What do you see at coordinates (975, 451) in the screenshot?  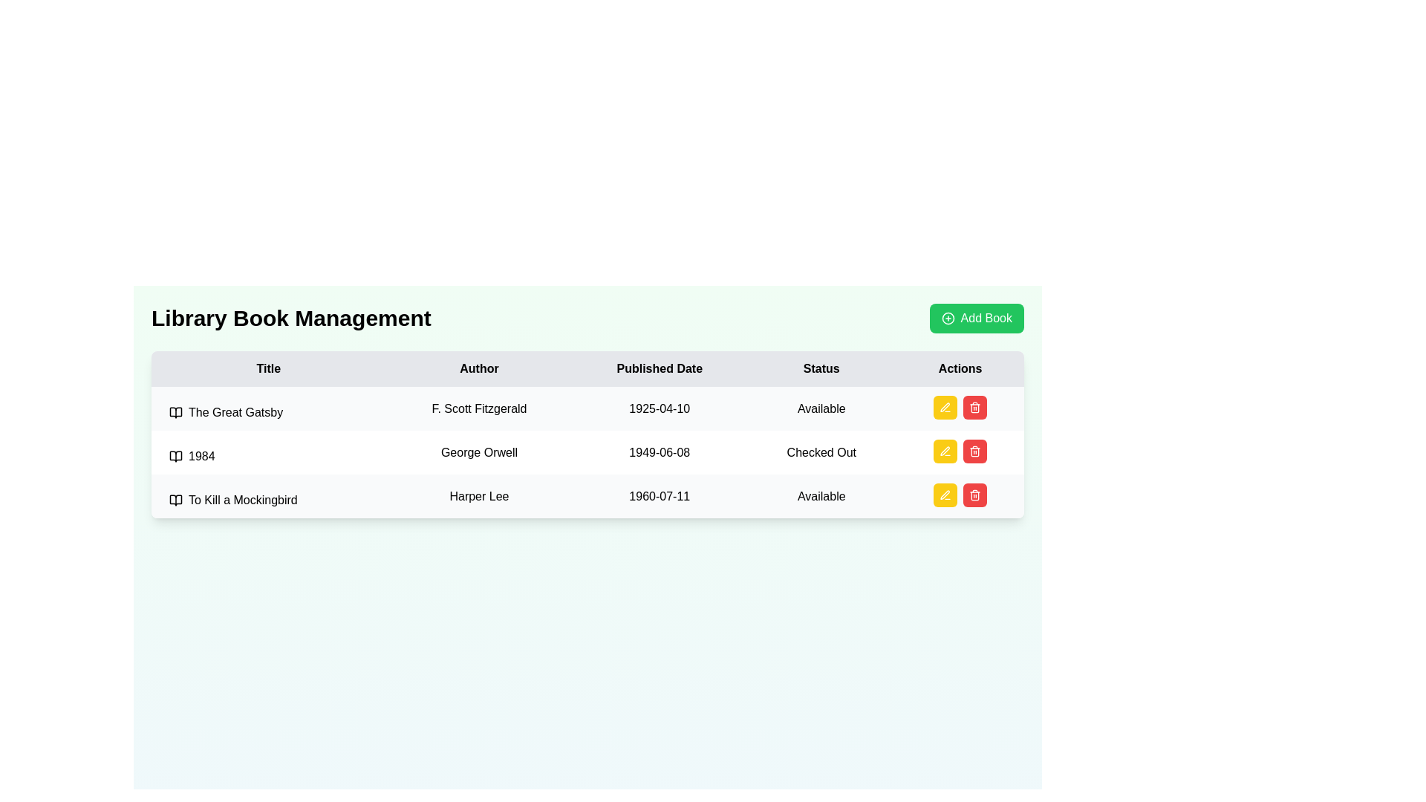 I see `the trash icon button located in the 'Actions' column, third row, for the book 'To Kill a Mockingbird' to initiate the delete operation` at bounding box center [975, 451].